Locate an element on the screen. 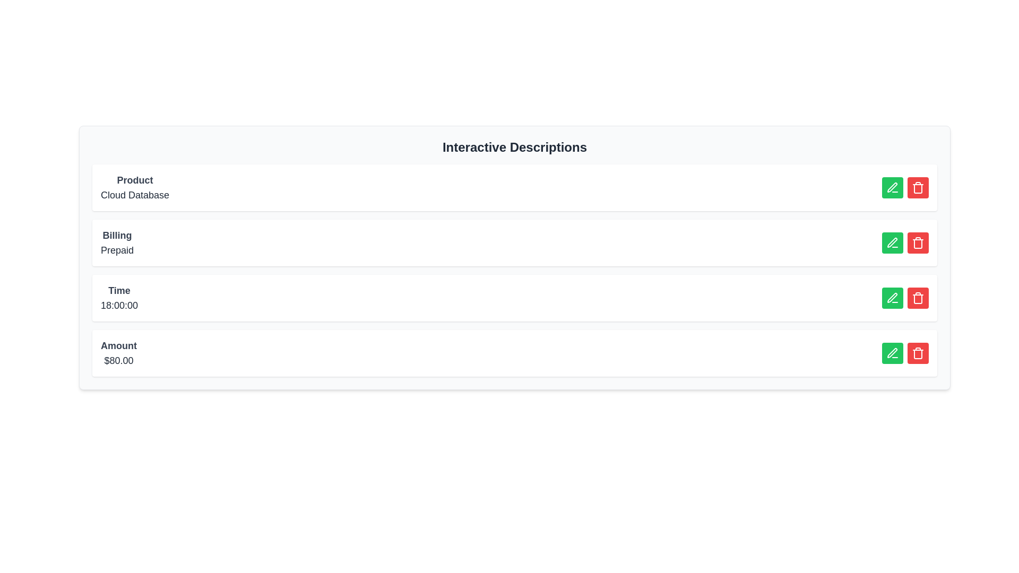 This screenshot has width=1019, height=573. the edit button located on the right side of the 'Time' row is located at coordinates (892, 298).